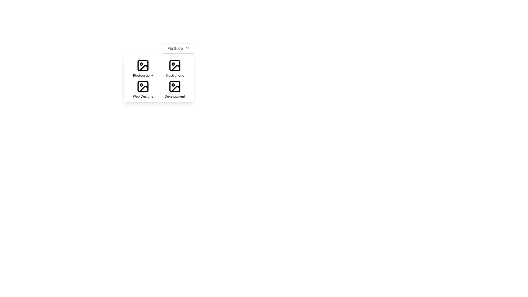 Image resolution: width=528 pixels, height=297 pixels. Describe the element at coordinates (175, 75) in the screenshot. I see `the 'Illustrations' text label, which is styled in a small-sized sans-serif font and positioned below an image icon in the top-right quadrant of the grid` at that location.